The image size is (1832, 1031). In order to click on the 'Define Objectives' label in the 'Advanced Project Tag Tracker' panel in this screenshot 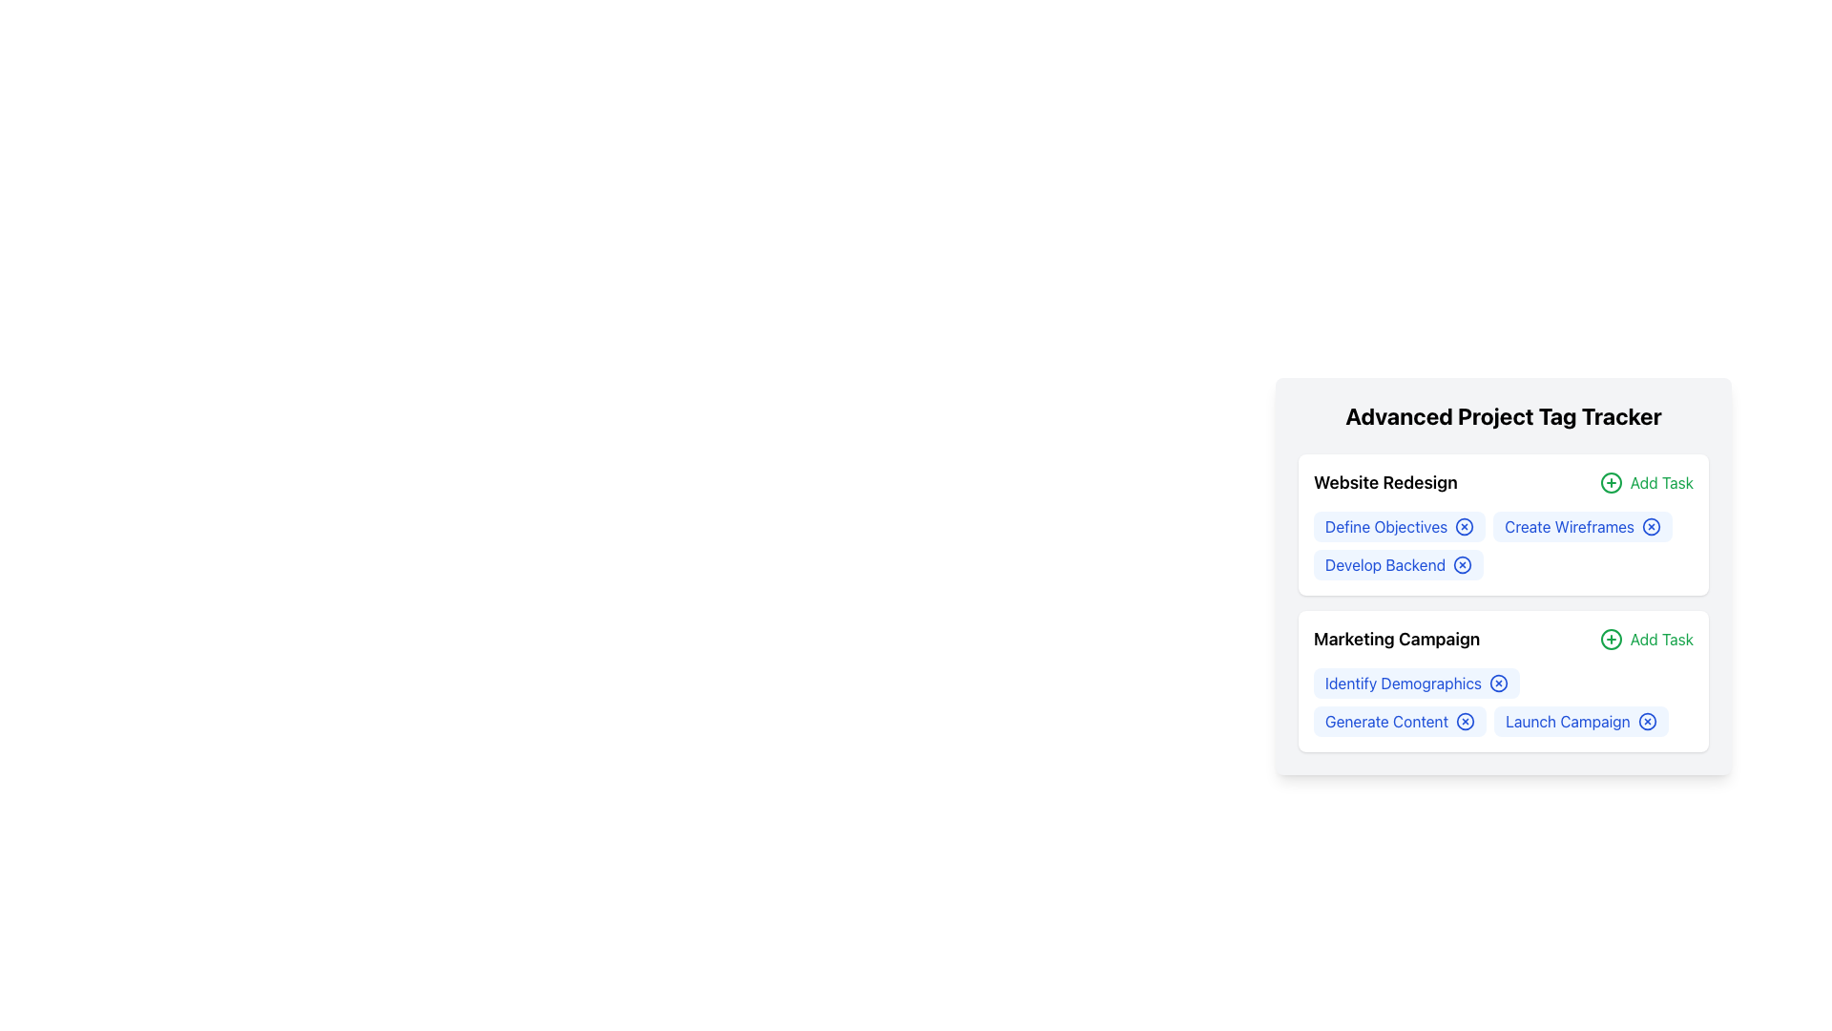, I will do `click(1386, 526)`.